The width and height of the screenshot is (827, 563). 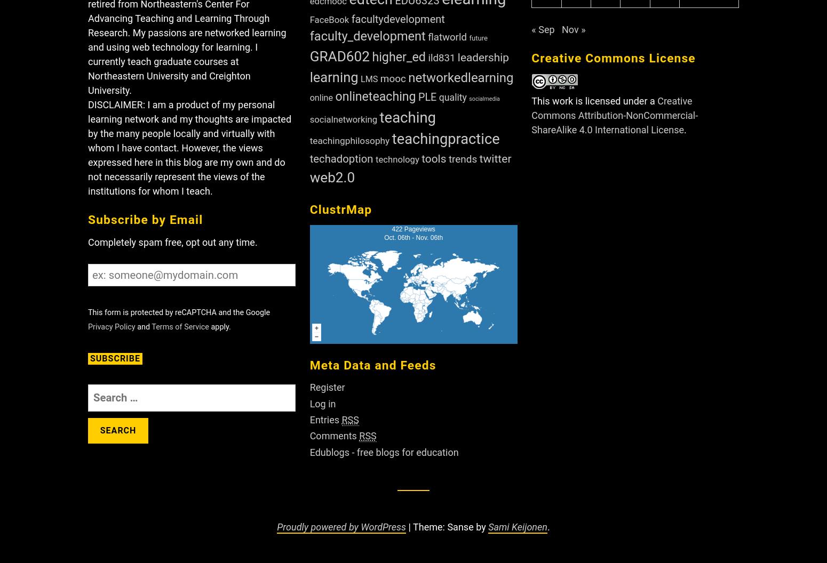 What do you see at coordinates (450, 527) in the screenshot?
I see `'Theme: Sanse by'` at bounding box center [450, 527].